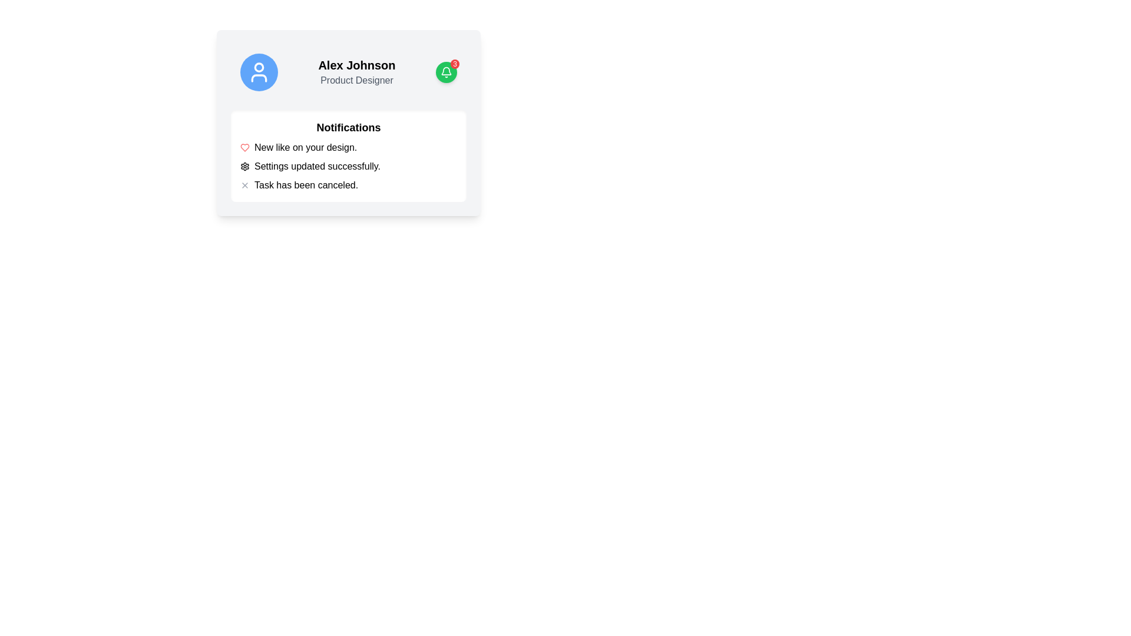 The width and height of the screenshot is (1131, 636). Describe the element at coordinates (259, 72) in the screenshot. I see `the user profile icon, which is centrally placed within a blue circular area above the text 'Alex Johnson' in the user information card` at that location.